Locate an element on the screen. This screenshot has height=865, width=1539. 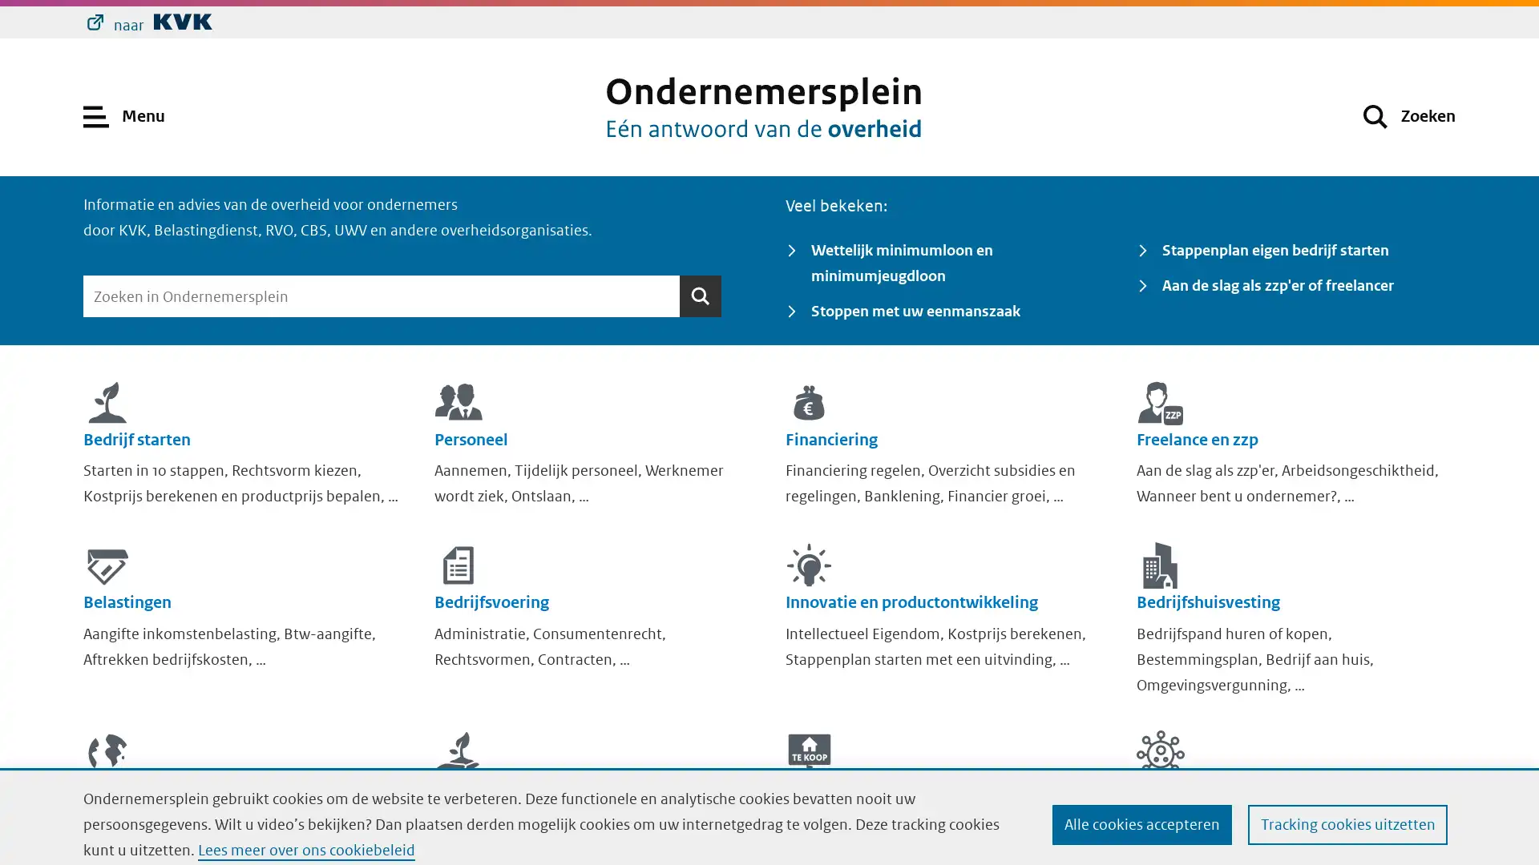
Tracking cookies uitzetten is located at coordinates (1347, 810).